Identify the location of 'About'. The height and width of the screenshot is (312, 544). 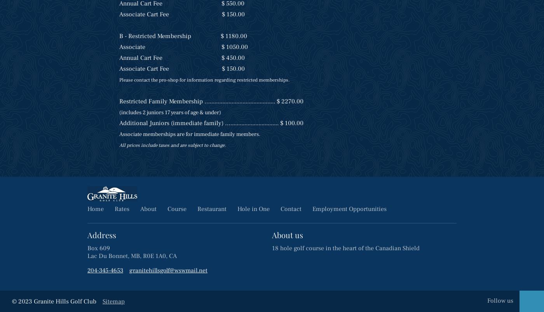
(148, 208).